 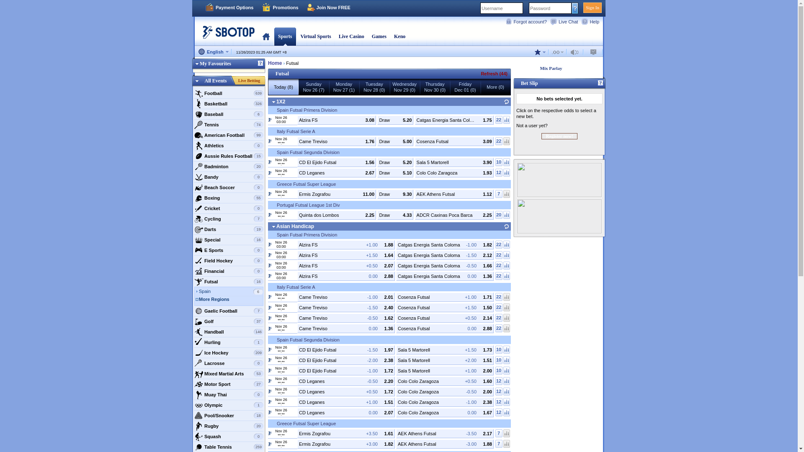 I want to click on '12', so click(x=499, y=391).